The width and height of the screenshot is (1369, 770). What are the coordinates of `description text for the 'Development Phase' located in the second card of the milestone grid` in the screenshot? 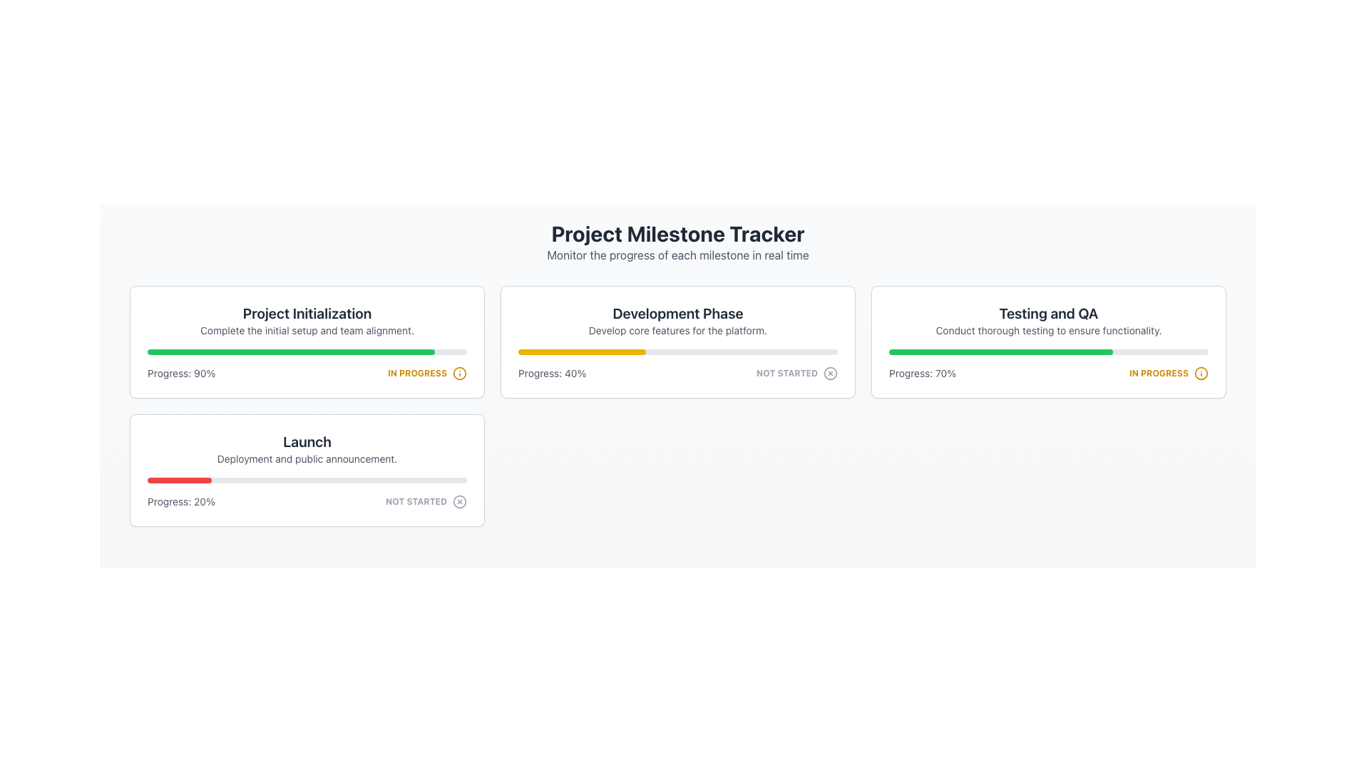 It's located at (677, 330).